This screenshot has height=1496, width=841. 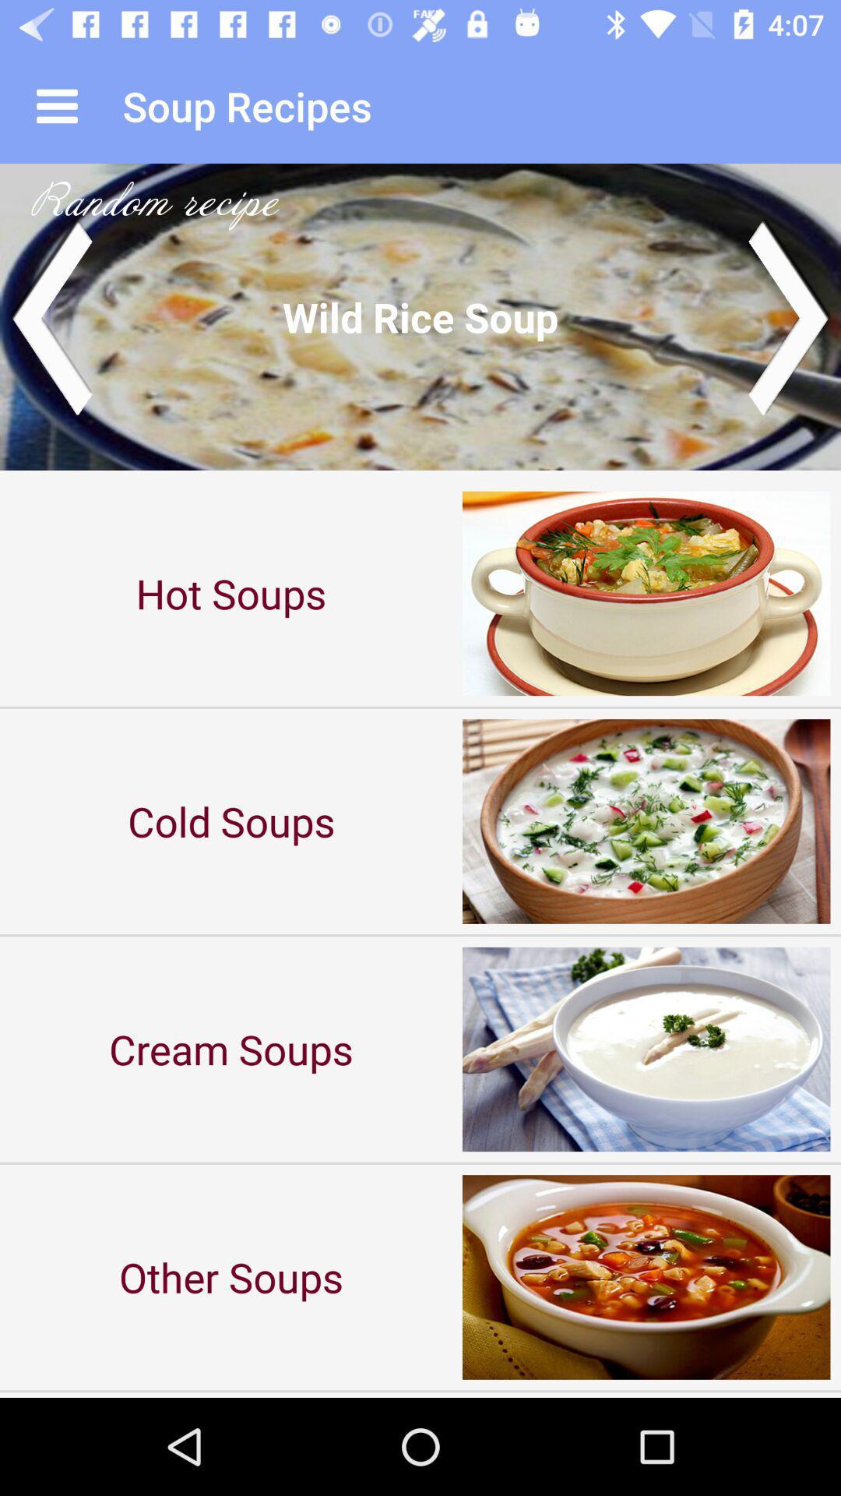 What do you see at coordinates (231, 820) in the screenshot?
I see `cold soups icon` at bounding box center [231, 820].